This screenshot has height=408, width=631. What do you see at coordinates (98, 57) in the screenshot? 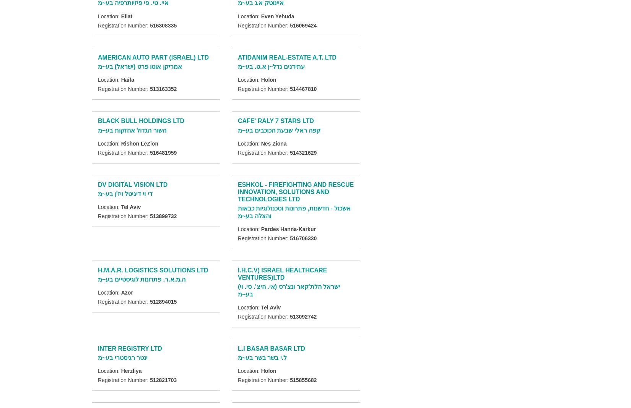
I see `'AMERICAN AUTO PART (ISRAEL) LTD'` at bounding box center [98, 57].